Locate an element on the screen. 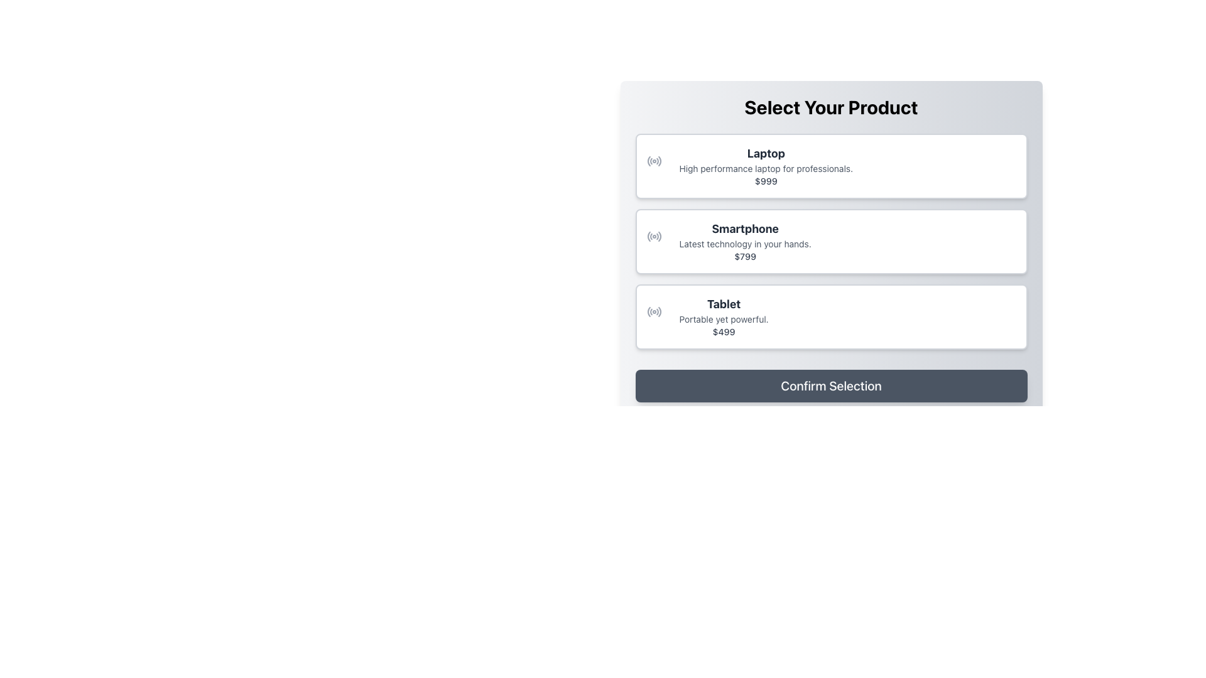  the selectable list item for the 'Smartphone' product, which is the second choice in the product selection menu is located at coordinates (831, 249).